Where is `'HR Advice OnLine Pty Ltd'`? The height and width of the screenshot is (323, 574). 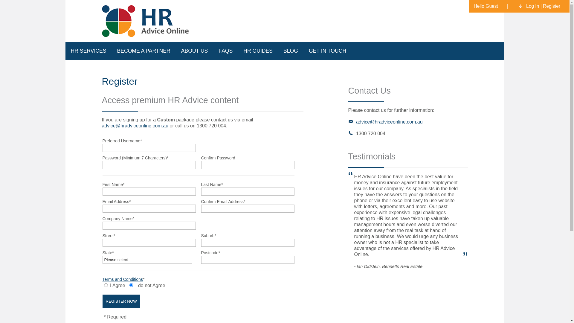 'HR Advice OnLine Pty Ltd' is located at coordinates (146, 20).